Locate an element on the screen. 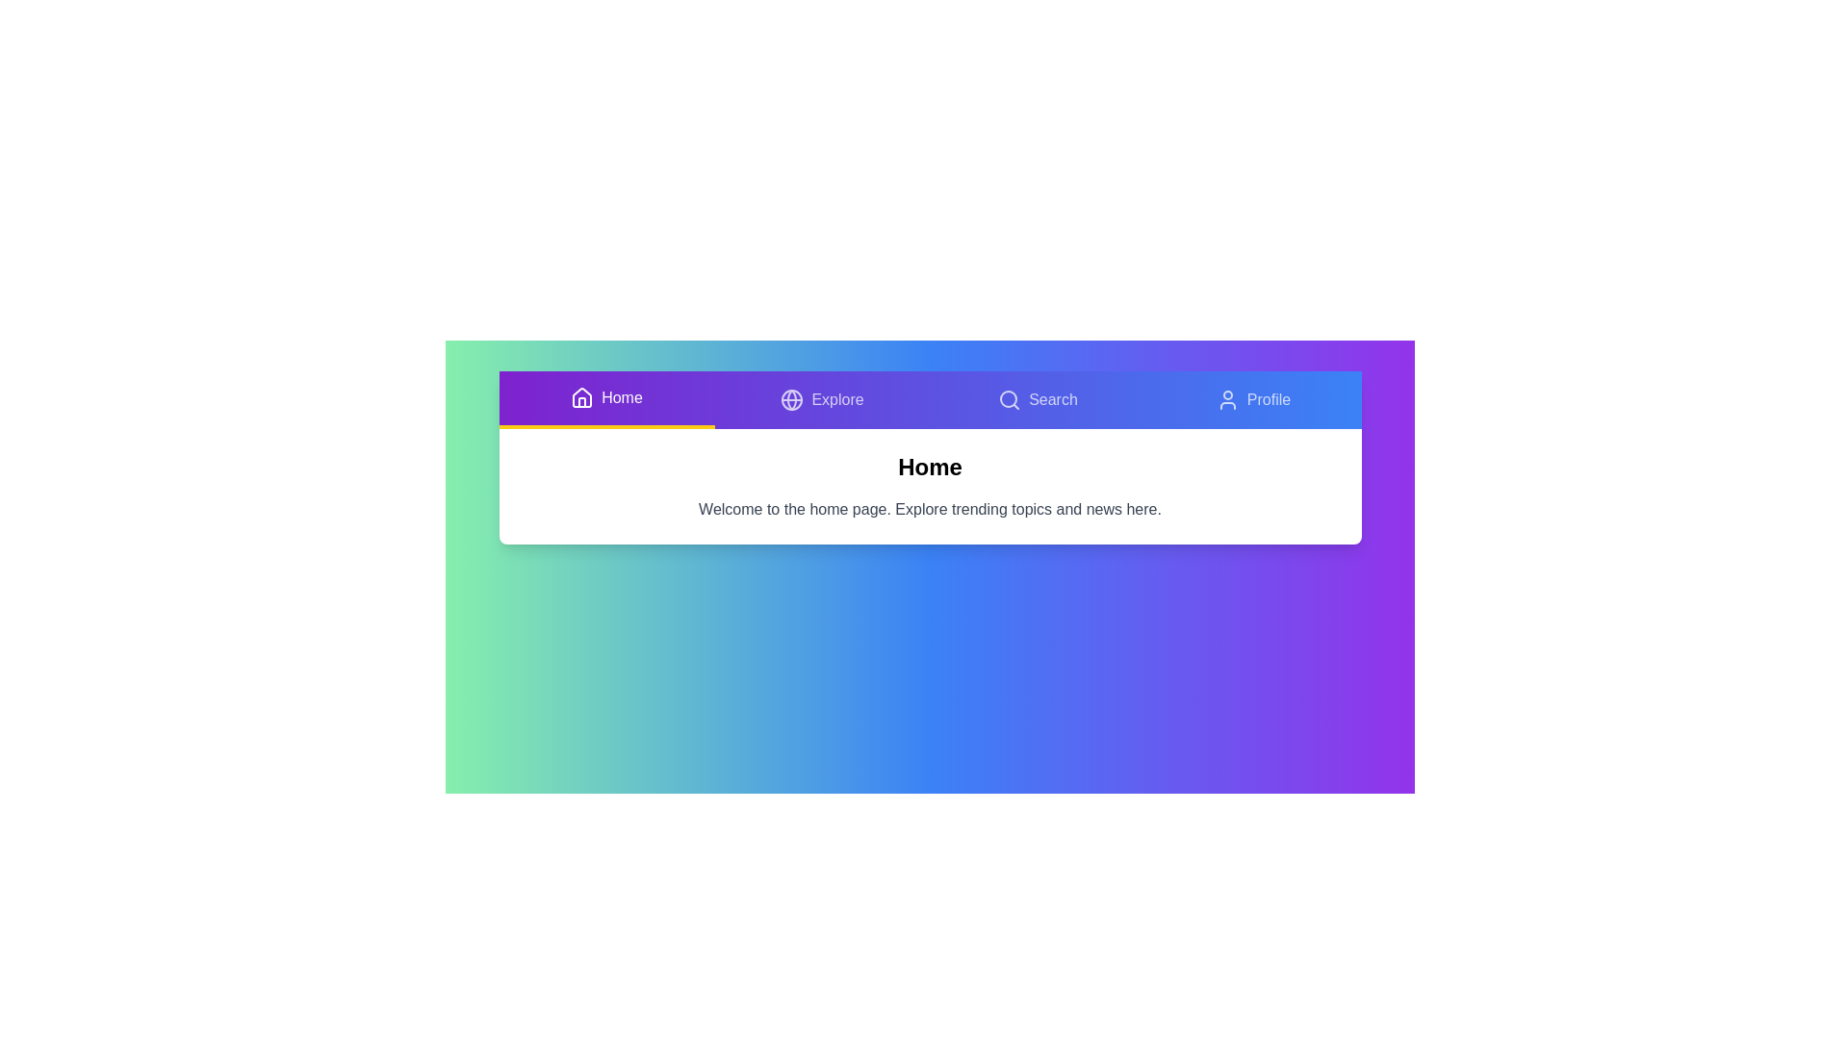 This screenshot has width=1848, height=1039. the tab button labeled Explore is located at coordinates (822, 399).